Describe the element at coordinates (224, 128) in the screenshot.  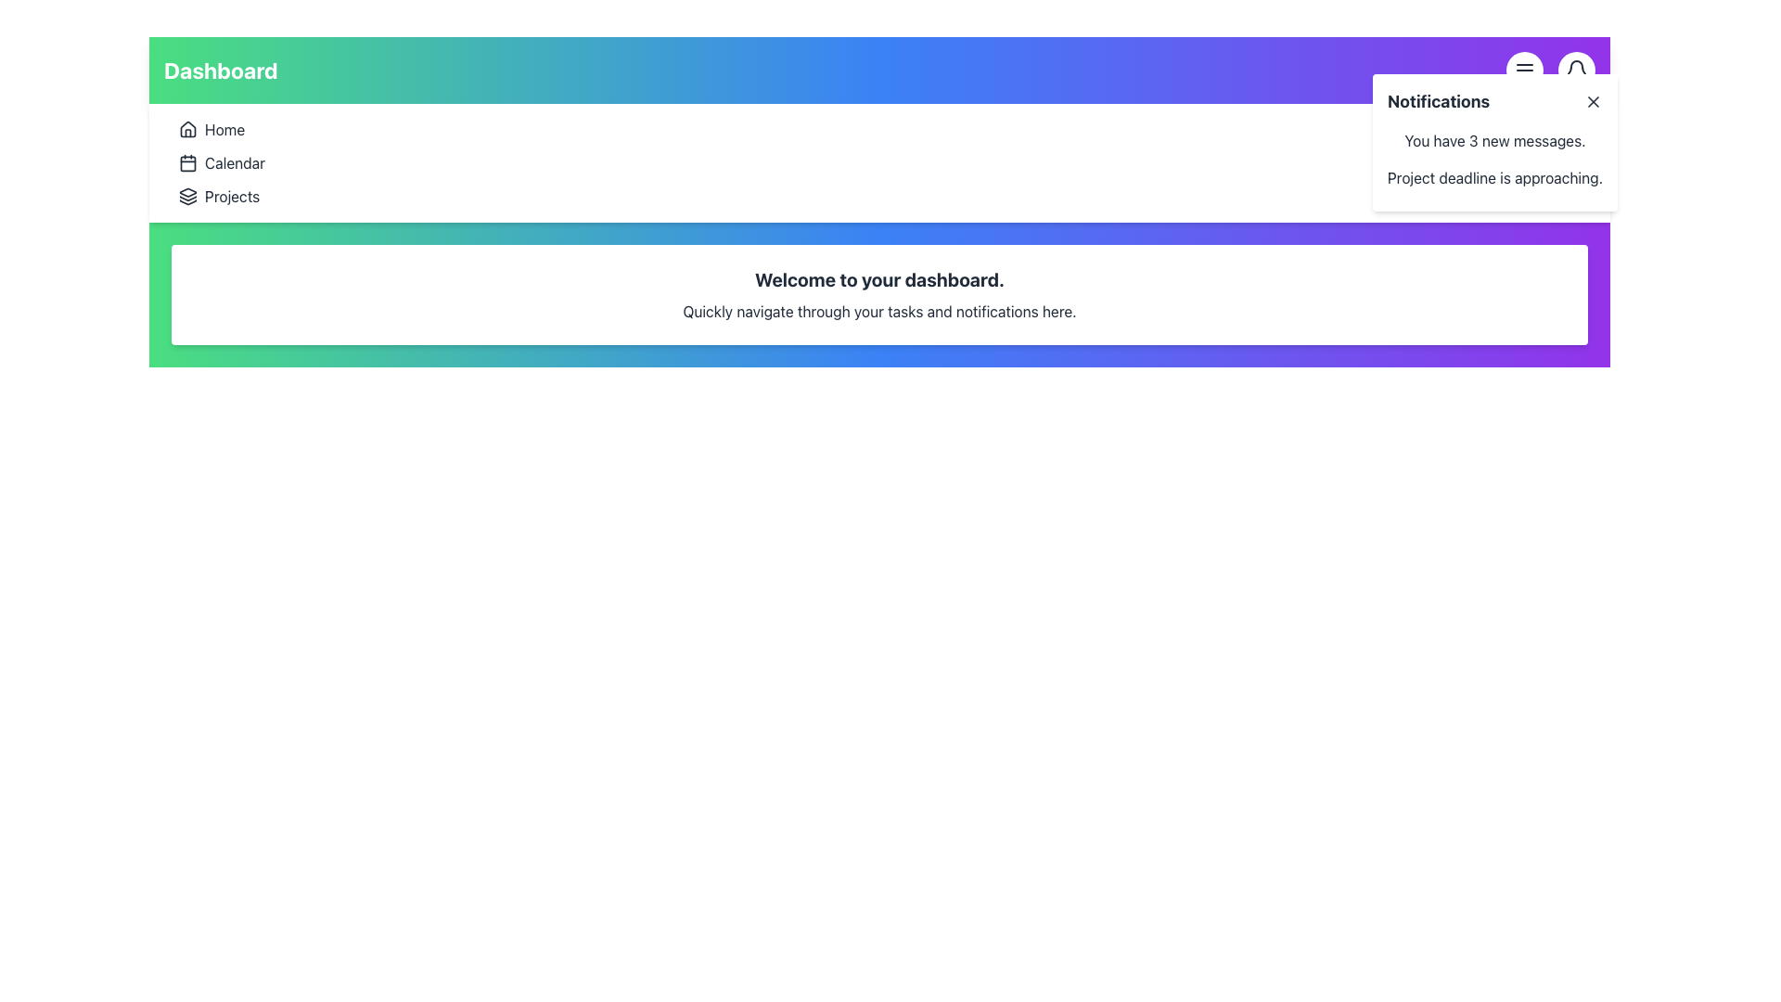
I see `the homepage label in the navigation menu that identifies the adjacent house icon` at that location.